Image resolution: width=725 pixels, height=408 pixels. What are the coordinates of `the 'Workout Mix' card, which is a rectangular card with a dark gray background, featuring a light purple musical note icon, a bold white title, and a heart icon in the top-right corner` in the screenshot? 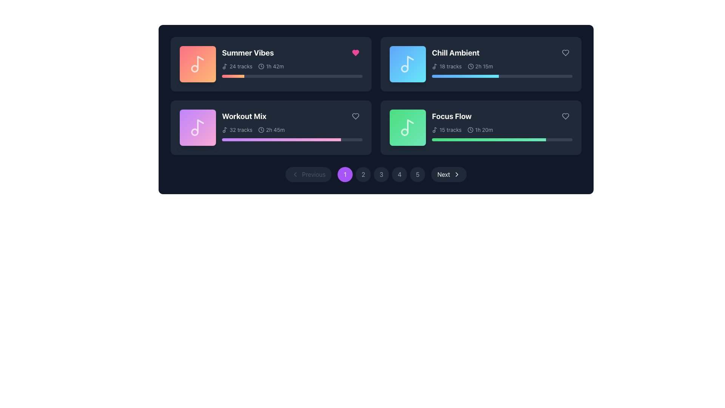 It's located at (271, 127).